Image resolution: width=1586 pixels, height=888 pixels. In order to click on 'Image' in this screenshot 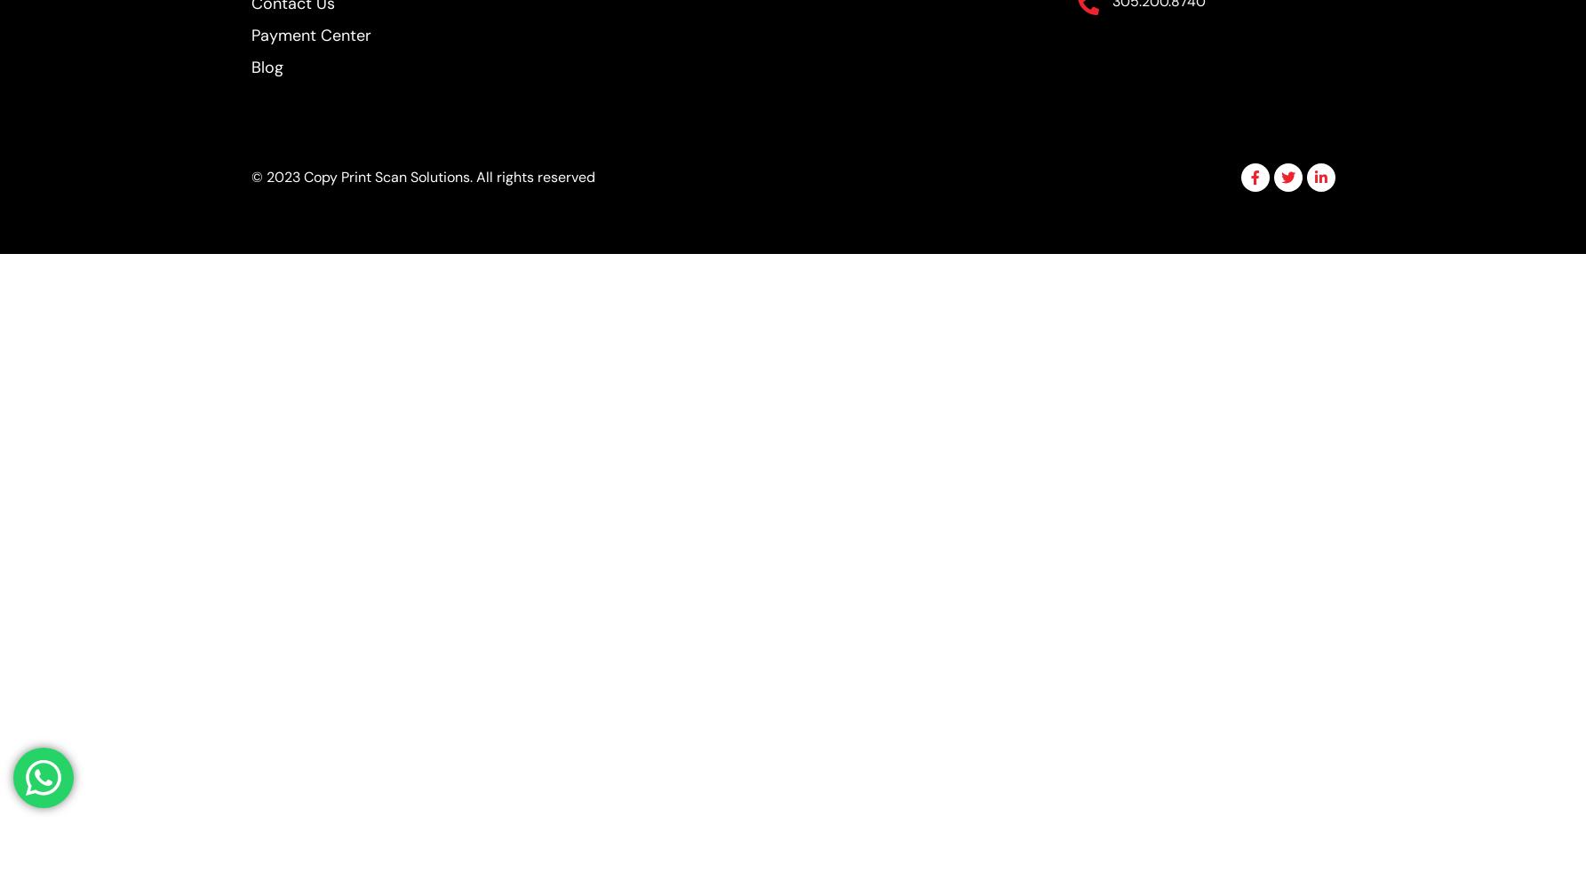, I will do `click(684, 179)`.